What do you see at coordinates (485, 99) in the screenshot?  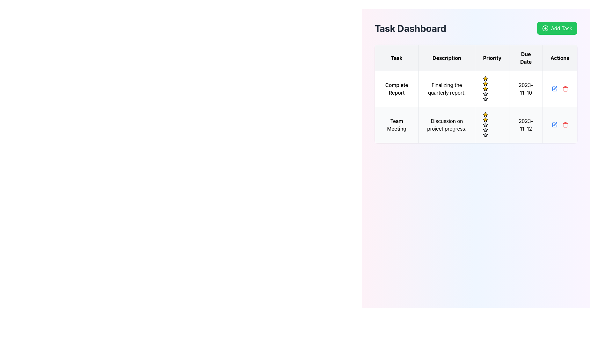 I see `the fifth star in the star rating indicator under the 'Priority' column for the 'Complete Report' task to provide visual feedback` at bounding box center [485, 99].